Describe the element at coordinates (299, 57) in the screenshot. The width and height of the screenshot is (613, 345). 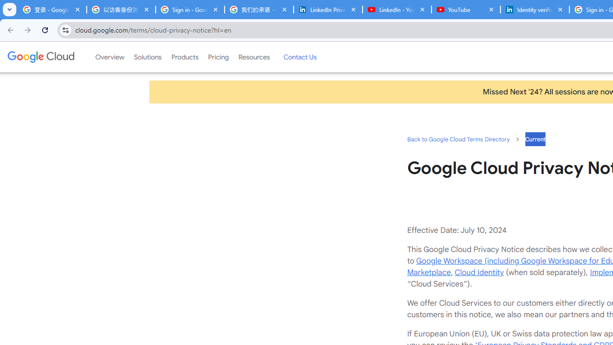
I see `'Contact Us'` at that location.